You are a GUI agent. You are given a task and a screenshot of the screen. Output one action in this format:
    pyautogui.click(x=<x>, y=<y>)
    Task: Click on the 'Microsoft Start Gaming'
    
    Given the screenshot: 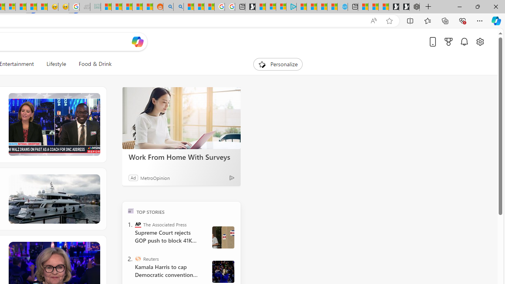 What is the action you would take?
    pyautogui.click(x=250, y=7)
    